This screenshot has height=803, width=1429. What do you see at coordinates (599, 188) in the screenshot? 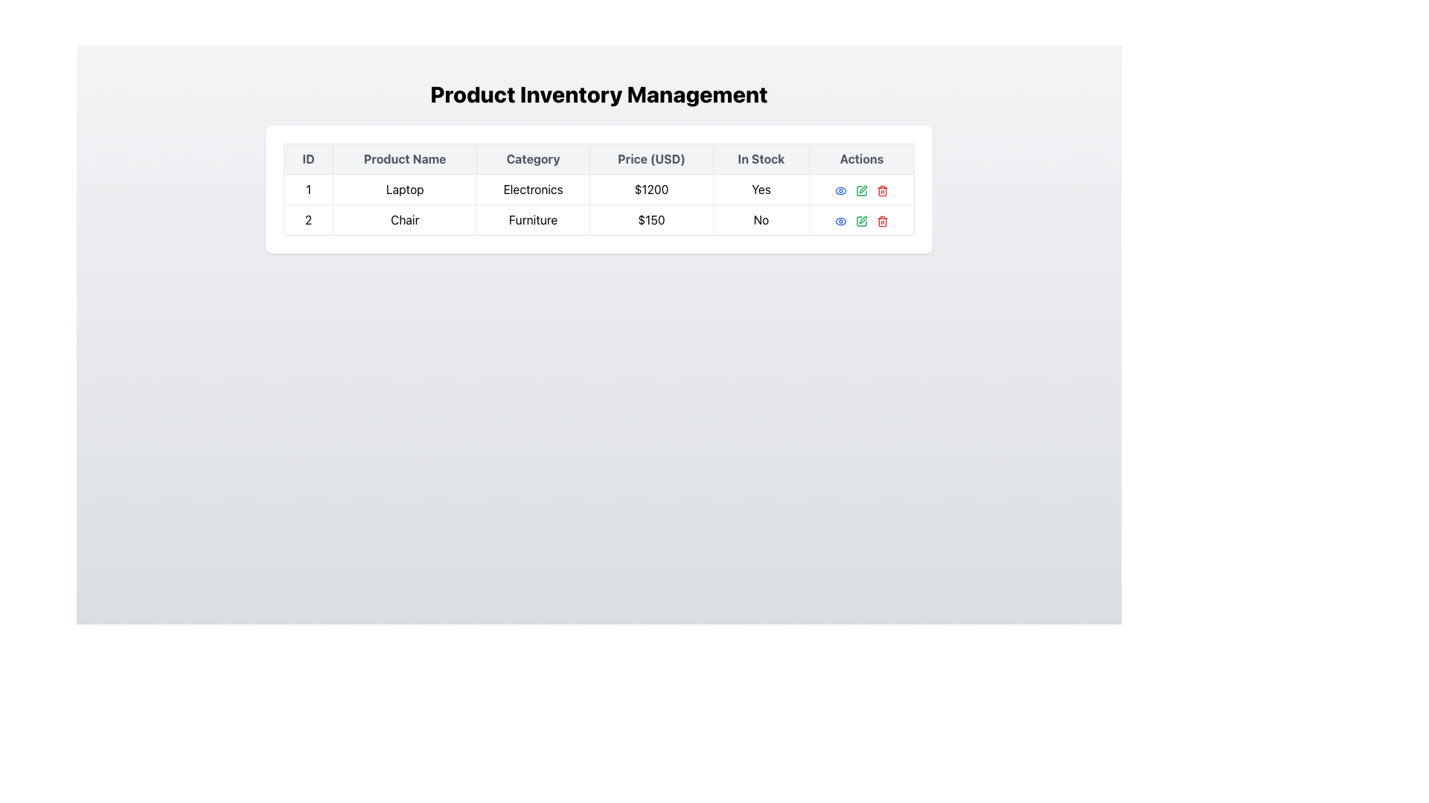
I see `the data table cell displaying product information` at bounding box center [599, 188].